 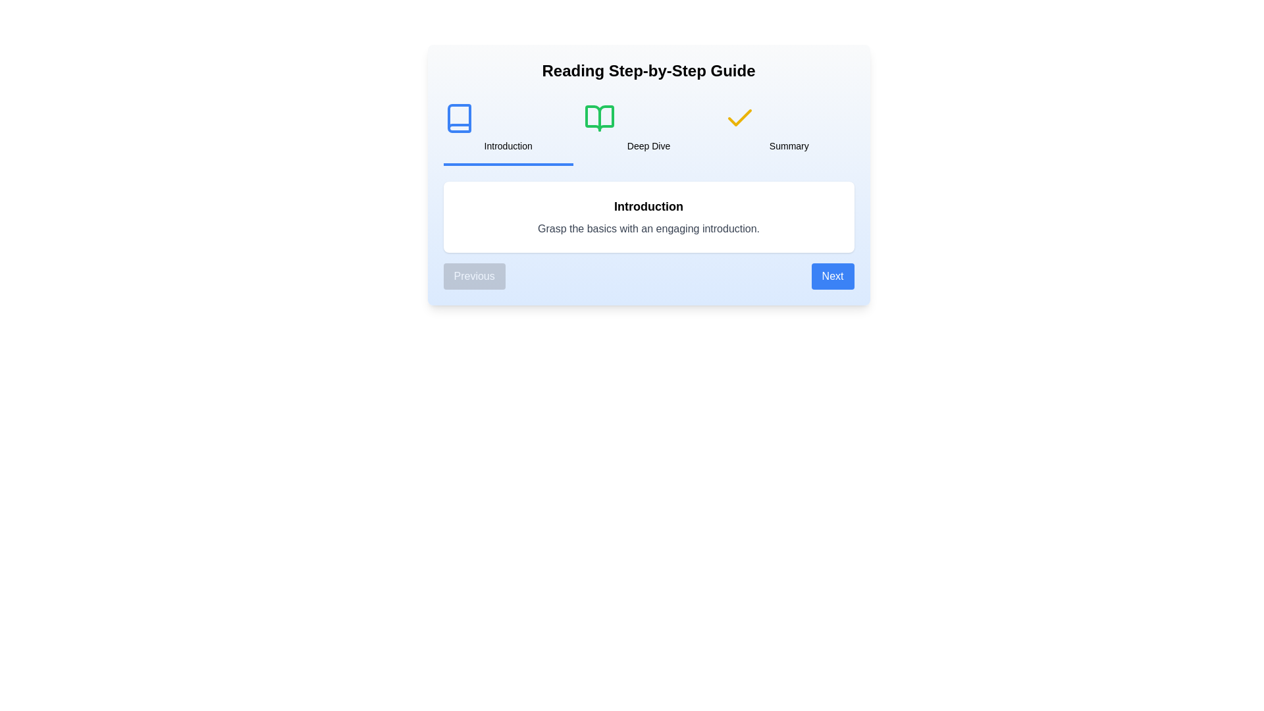 What do you see at coordinates (740, 118) in the screenshot?
I see `the icon representing the step Summary` at bounding box center [740, 118].